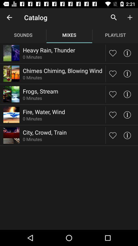 This screenshot has width=138, height=246. I want to click on more information, so click(127, 53).